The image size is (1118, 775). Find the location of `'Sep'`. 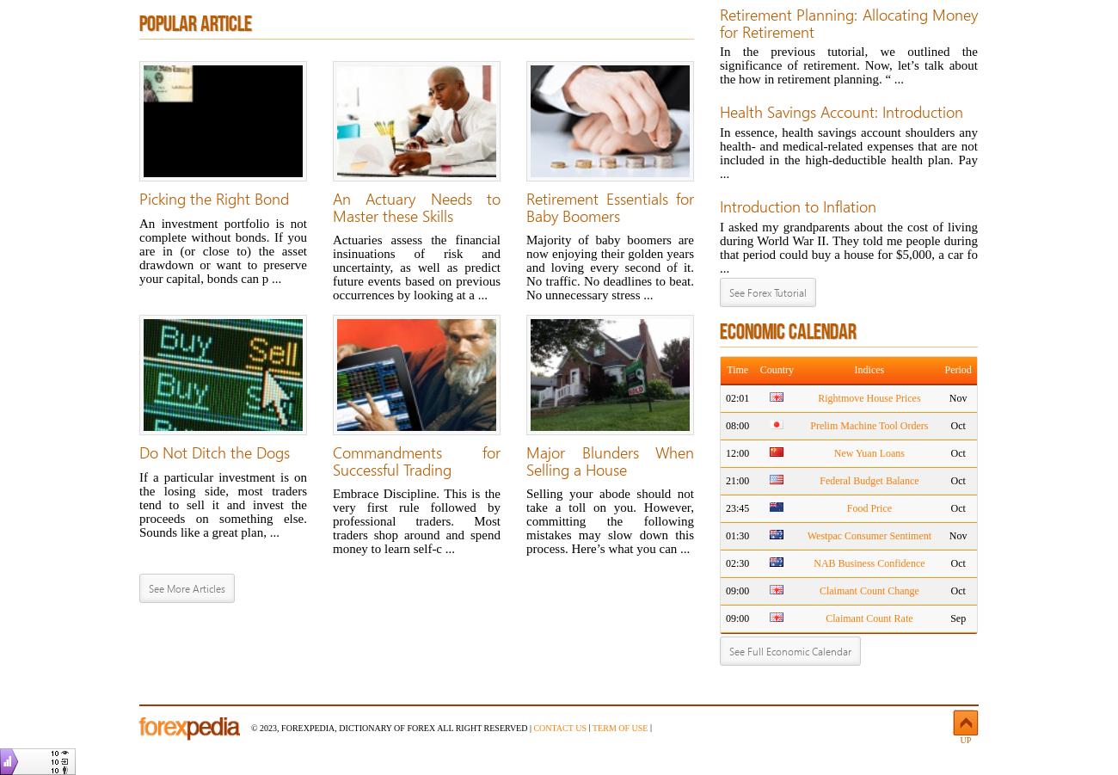

'Sep' is located at coordinates (949, 618).